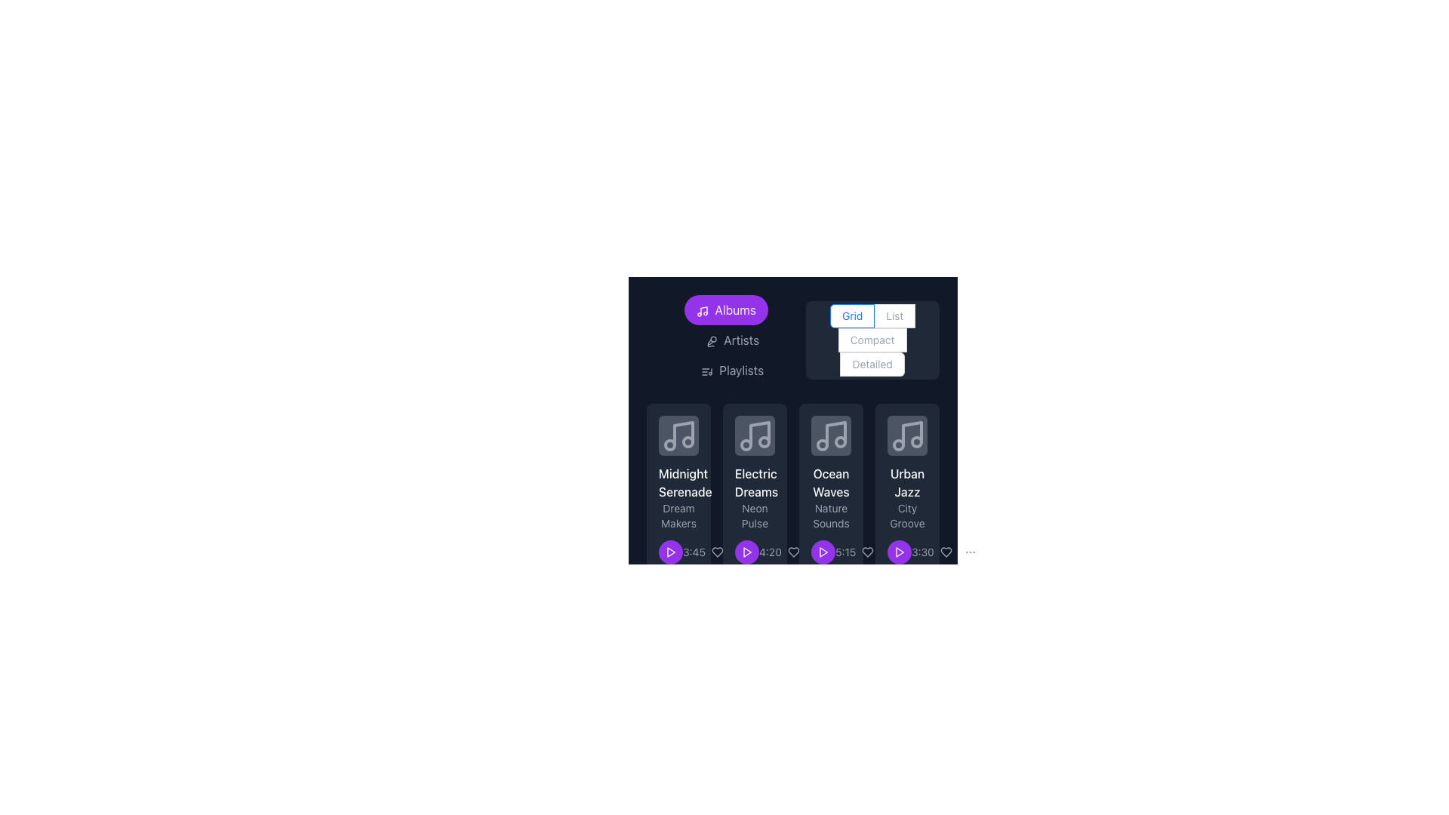 This screenshot has width=1449, height=815. I want to click on the heart-shaped icon button located at the bottom right corner of the last music card, so click(945, 552).